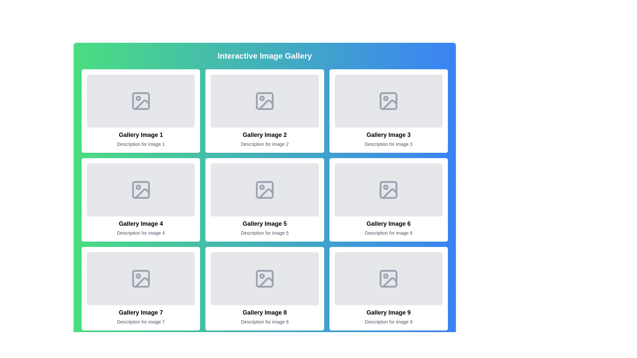  I want to click on the title text for the gallery image located in the third position of the top row in a 3x3 grid layout, beneath the image placeholder and above the description text, so click(389, 135).